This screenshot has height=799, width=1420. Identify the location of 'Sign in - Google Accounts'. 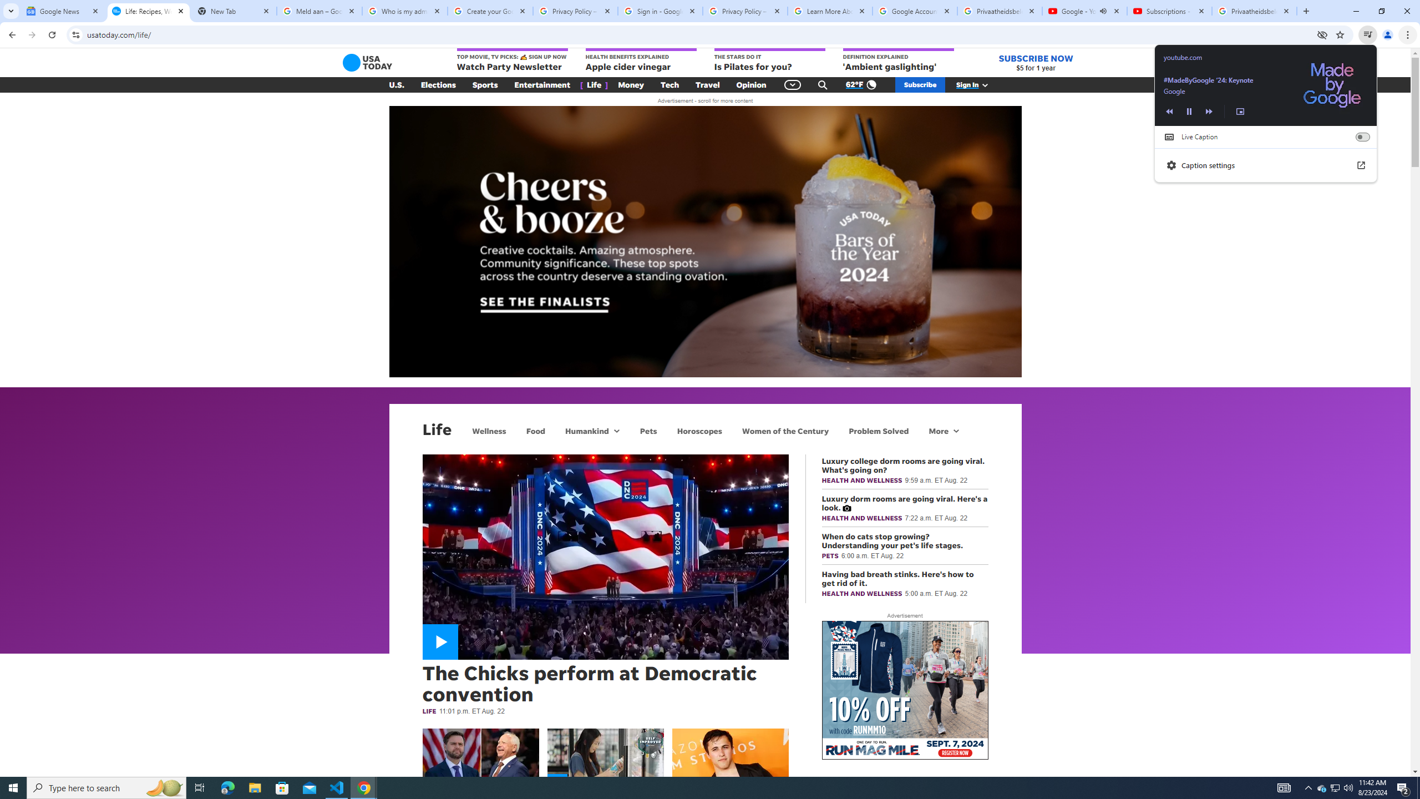
(660, 11).